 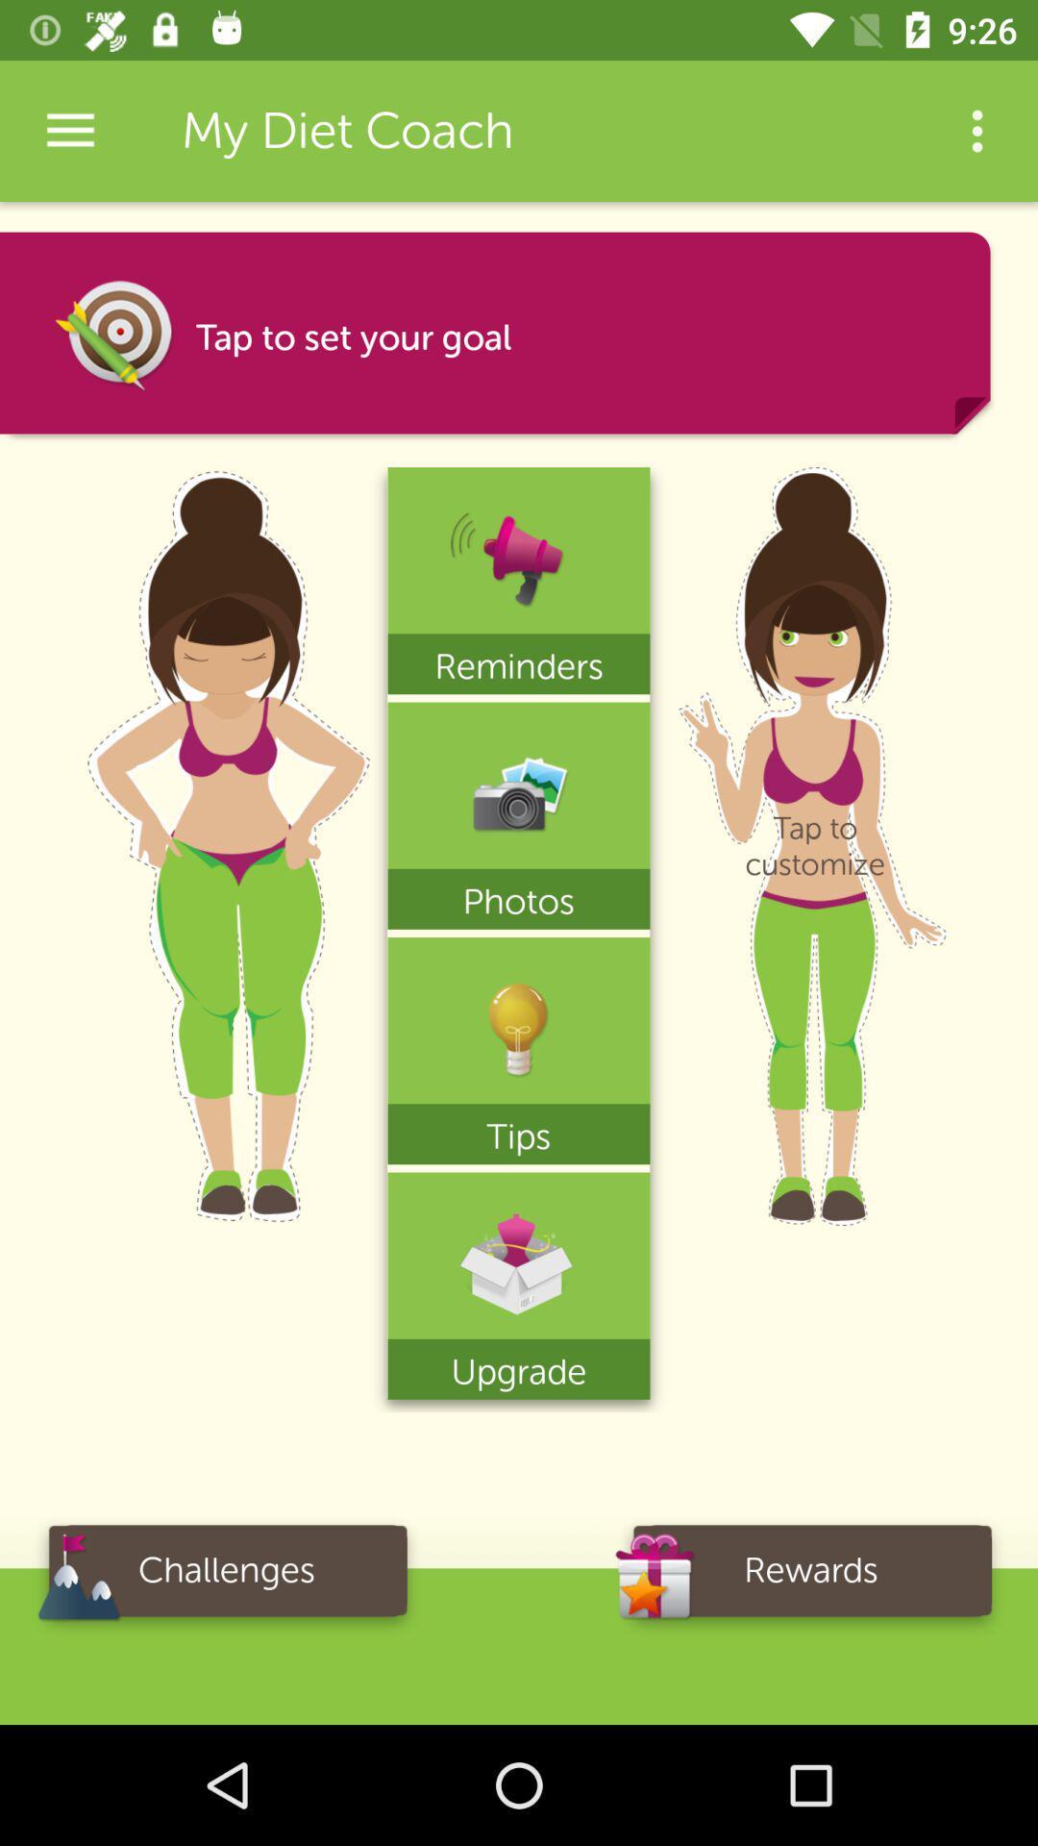 What do you see at coordinates (977, 130) in the screenshot?
I see `the app to the right of my diet coach app` at bounding box center [977, 130].